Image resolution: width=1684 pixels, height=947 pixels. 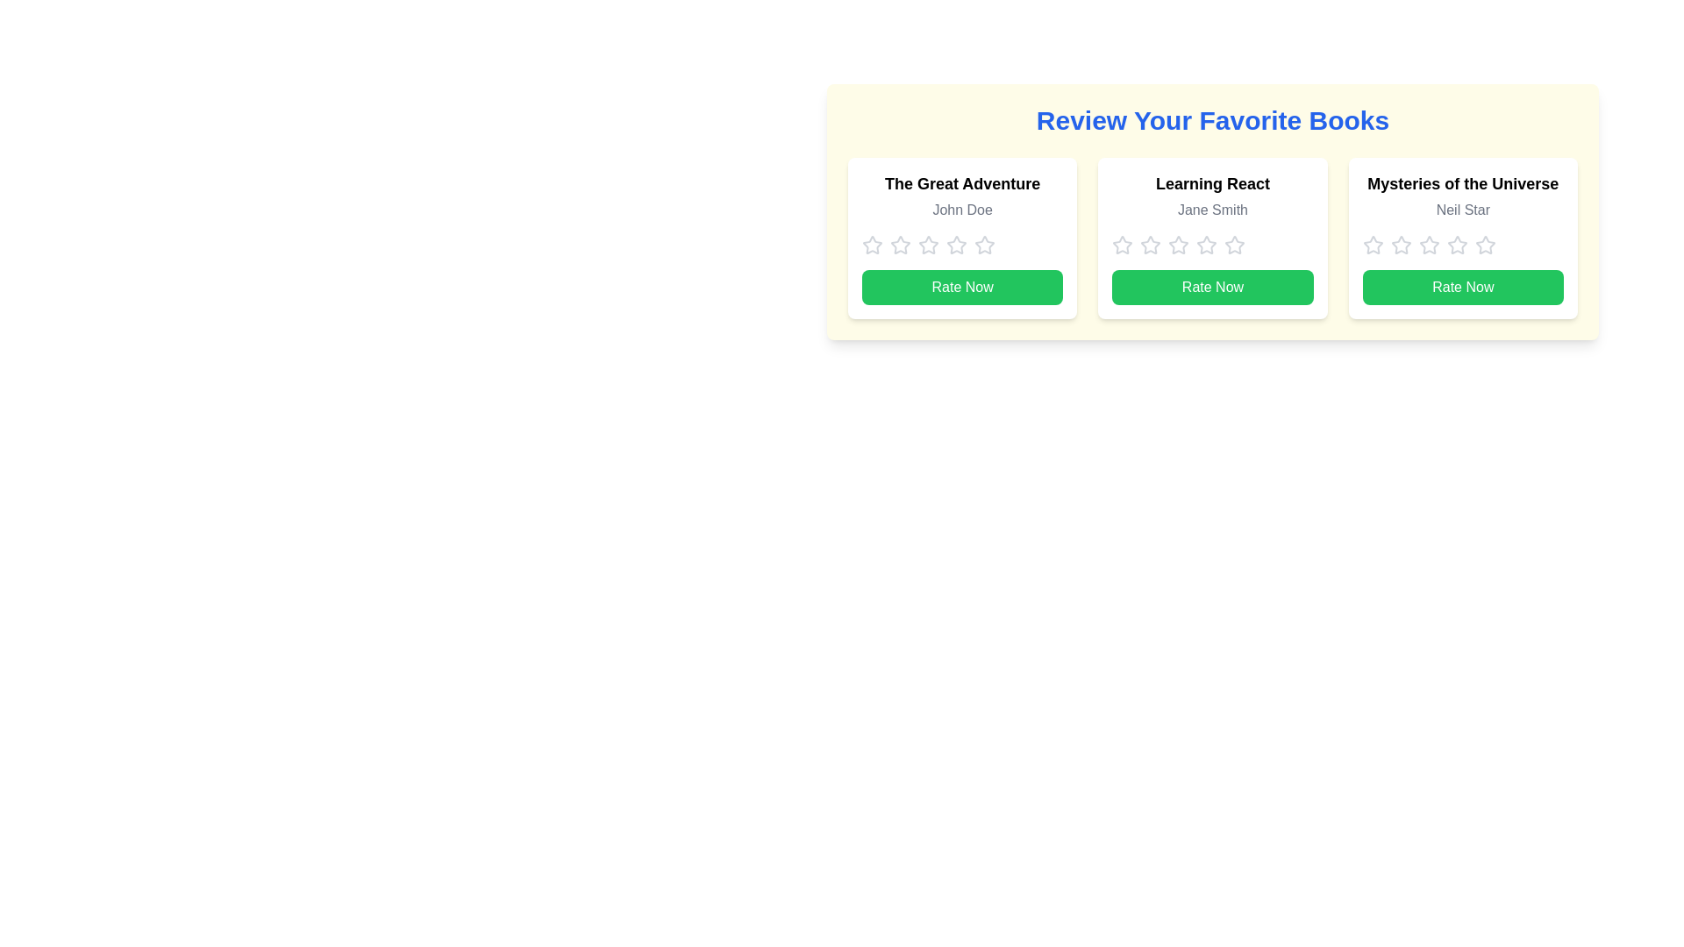 What do you see at coordinates (1151, 245) in the screenshot?
I see `the first star icon in the rating system of the 'Learning React' book card` at bounding box center [1151, 245].